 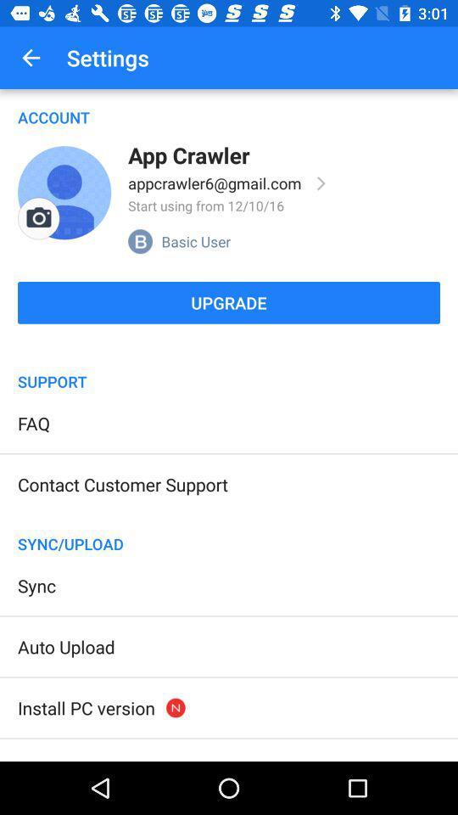 I want to click on item above the upgrade icon, so click(x=64, y=193).